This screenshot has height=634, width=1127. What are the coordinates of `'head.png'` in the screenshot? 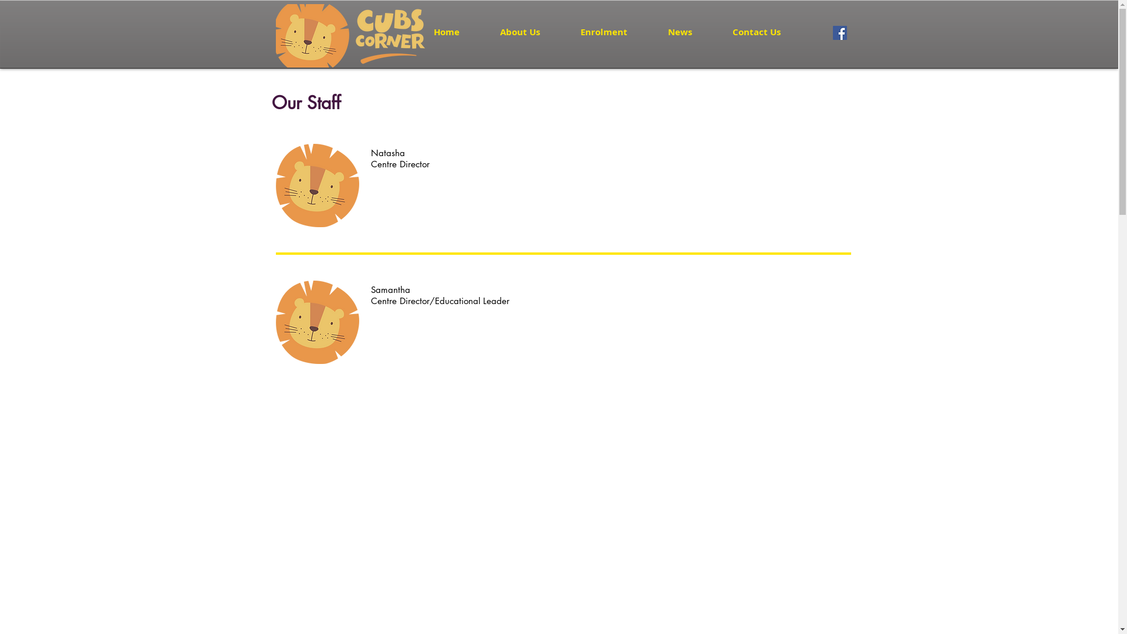 It's located at (318, 185).